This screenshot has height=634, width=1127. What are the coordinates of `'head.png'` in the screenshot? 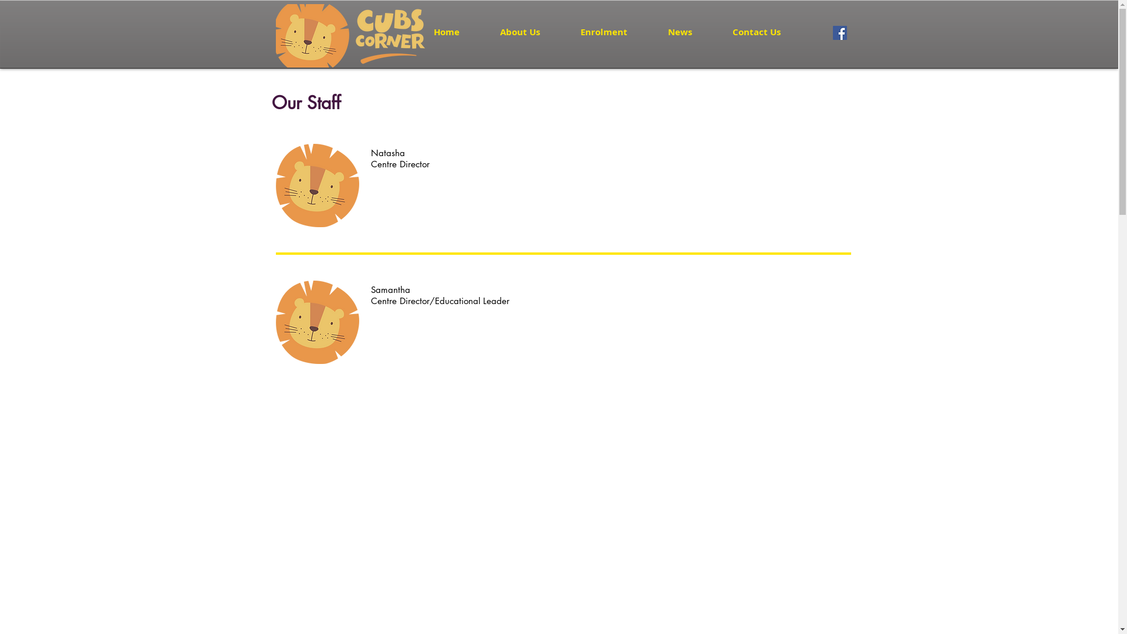 It's located at (318, 185).